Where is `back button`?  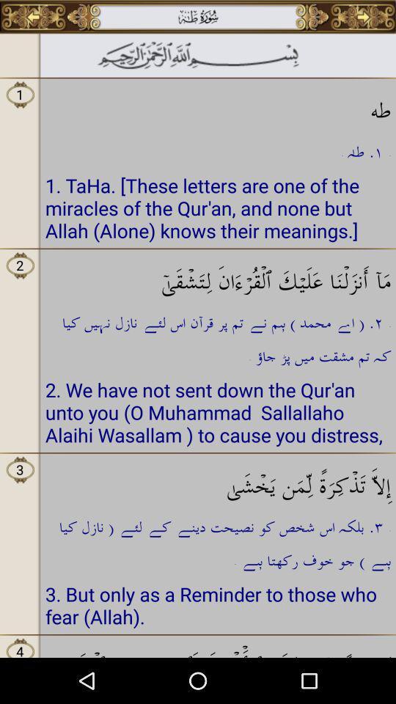
back button is located at coordinates (33, 16).